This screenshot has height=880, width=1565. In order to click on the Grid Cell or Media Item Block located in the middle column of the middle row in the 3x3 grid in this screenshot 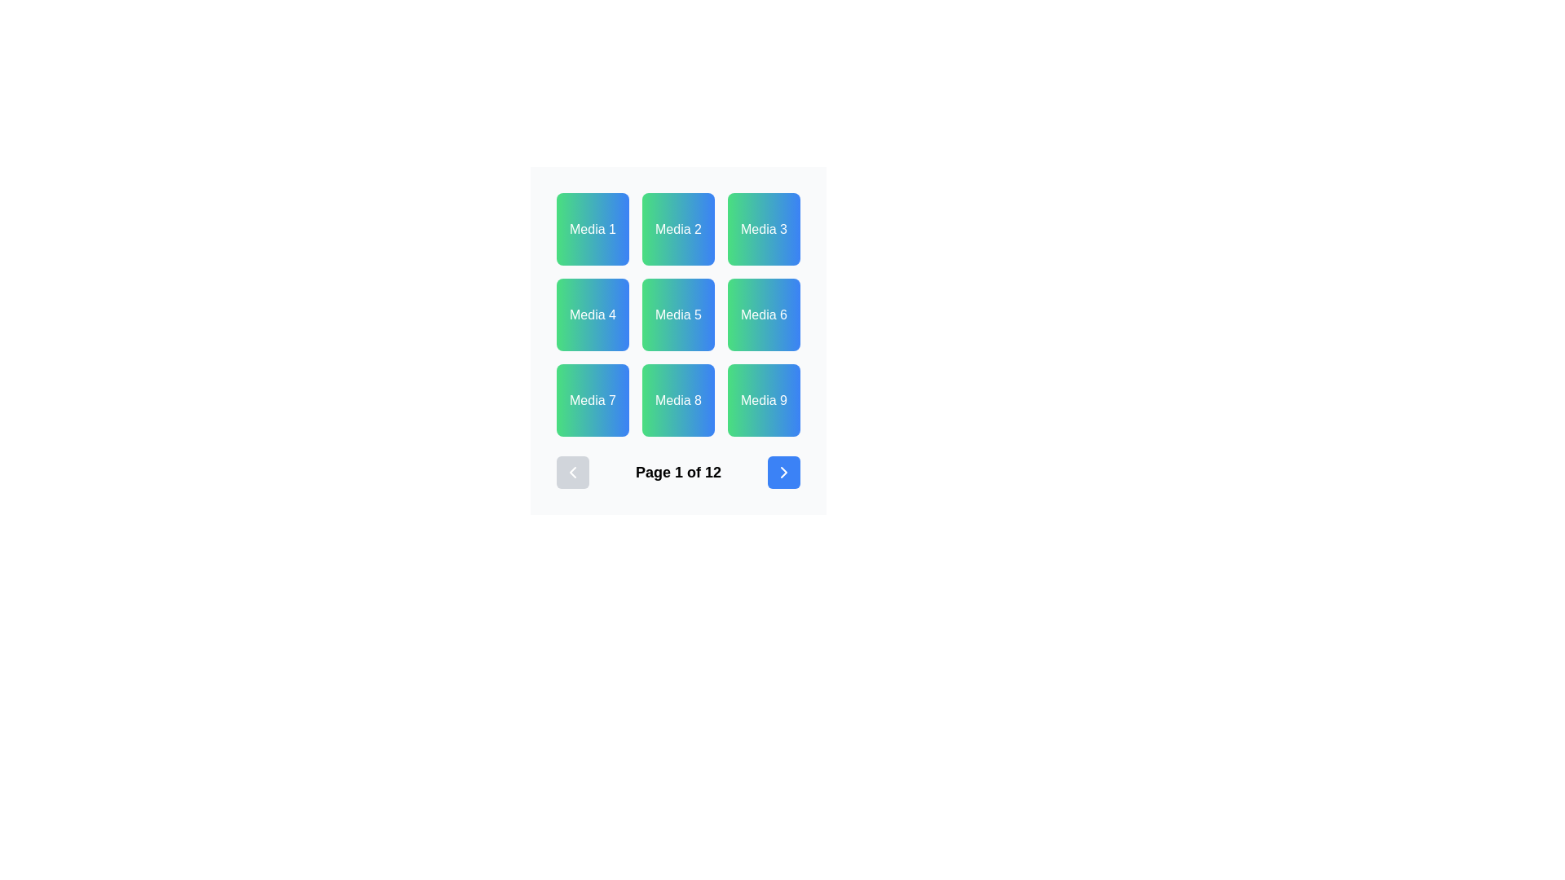, I will do `click(678, 340)`.